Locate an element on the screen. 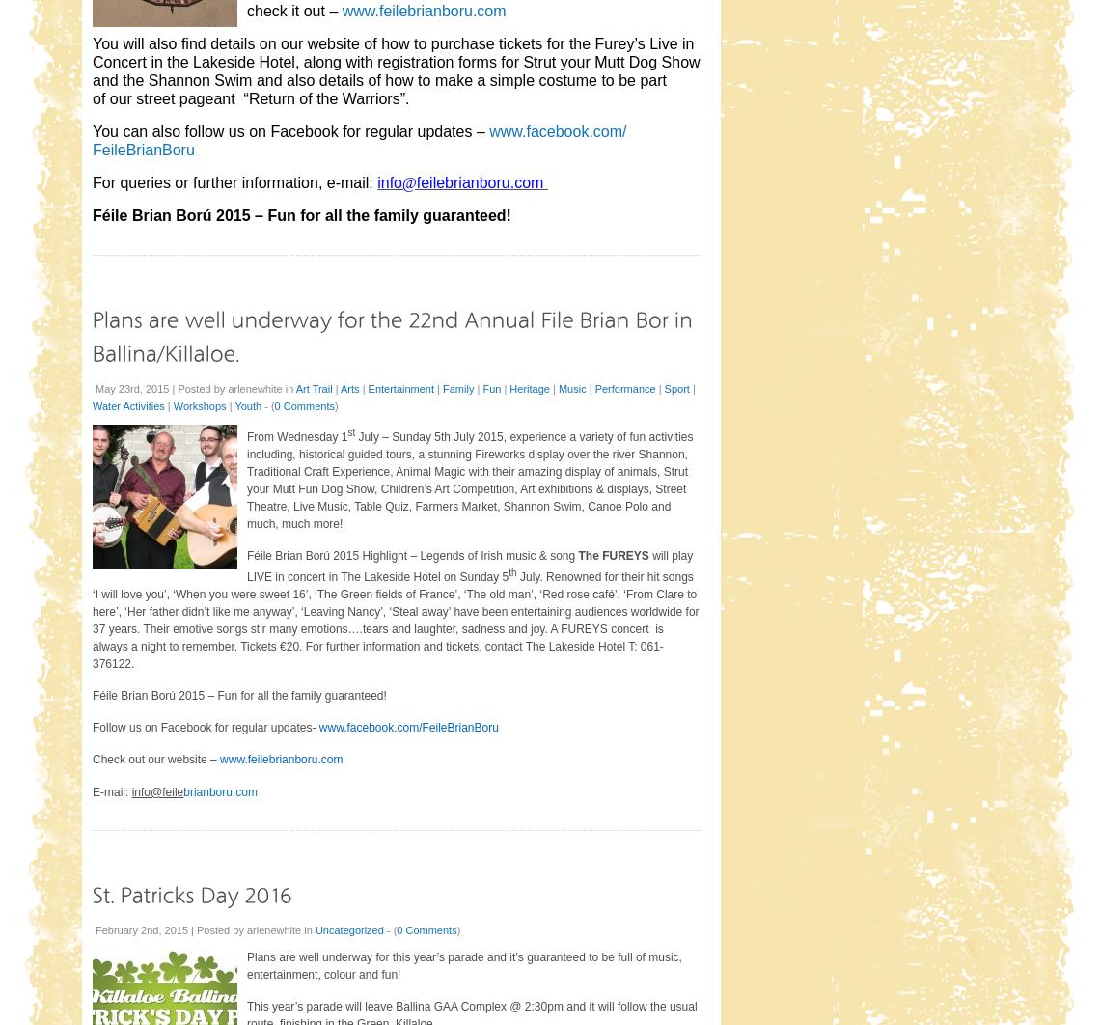 This screenshot has width=1100, height=1025. 'Music' is located at coordinates (557, 386).